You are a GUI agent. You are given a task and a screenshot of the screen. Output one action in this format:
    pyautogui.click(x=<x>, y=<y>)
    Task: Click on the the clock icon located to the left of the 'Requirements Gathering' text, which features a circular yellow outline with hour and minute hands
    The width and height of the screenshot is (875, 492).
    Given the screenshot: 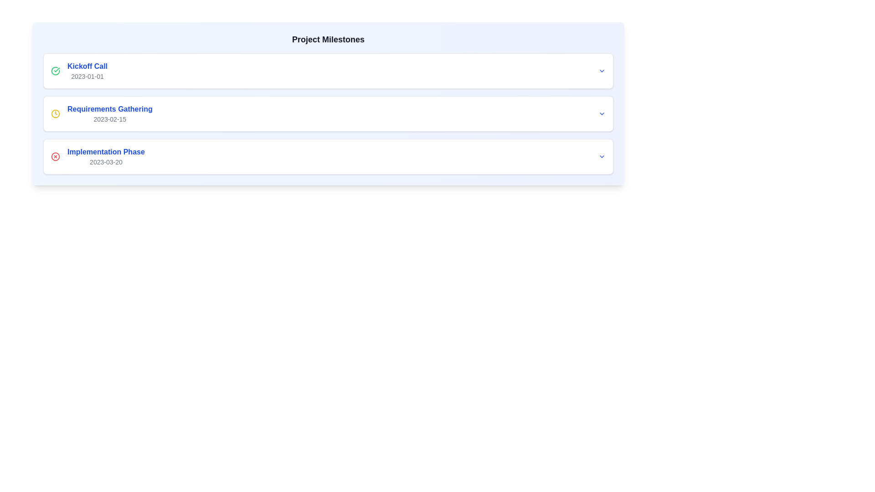 What is the action you would take?
    pyautogui.click(x=55, y=113)
    